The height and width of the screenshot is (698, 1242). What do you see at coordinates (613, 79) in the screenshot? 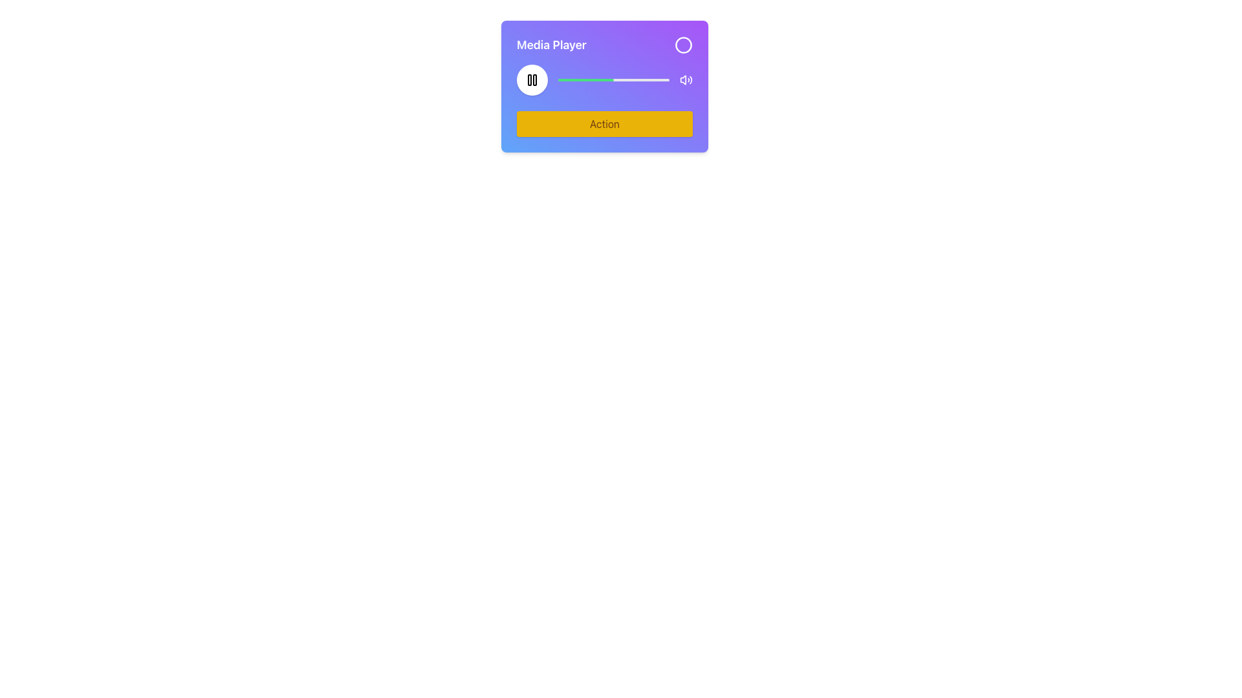
I see `the progress value displayed on the progress bar located between a circular button and a volume indicator icon` at bounding box center [613, 79].